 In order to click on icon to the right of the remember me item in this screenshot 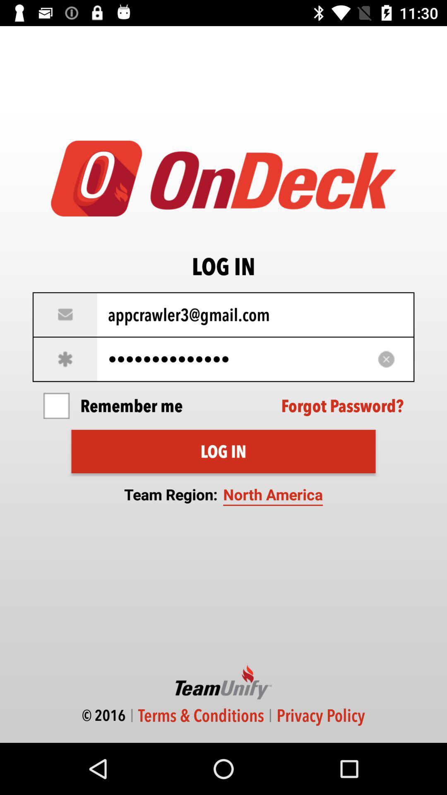, I will do `click(342, 406)`.